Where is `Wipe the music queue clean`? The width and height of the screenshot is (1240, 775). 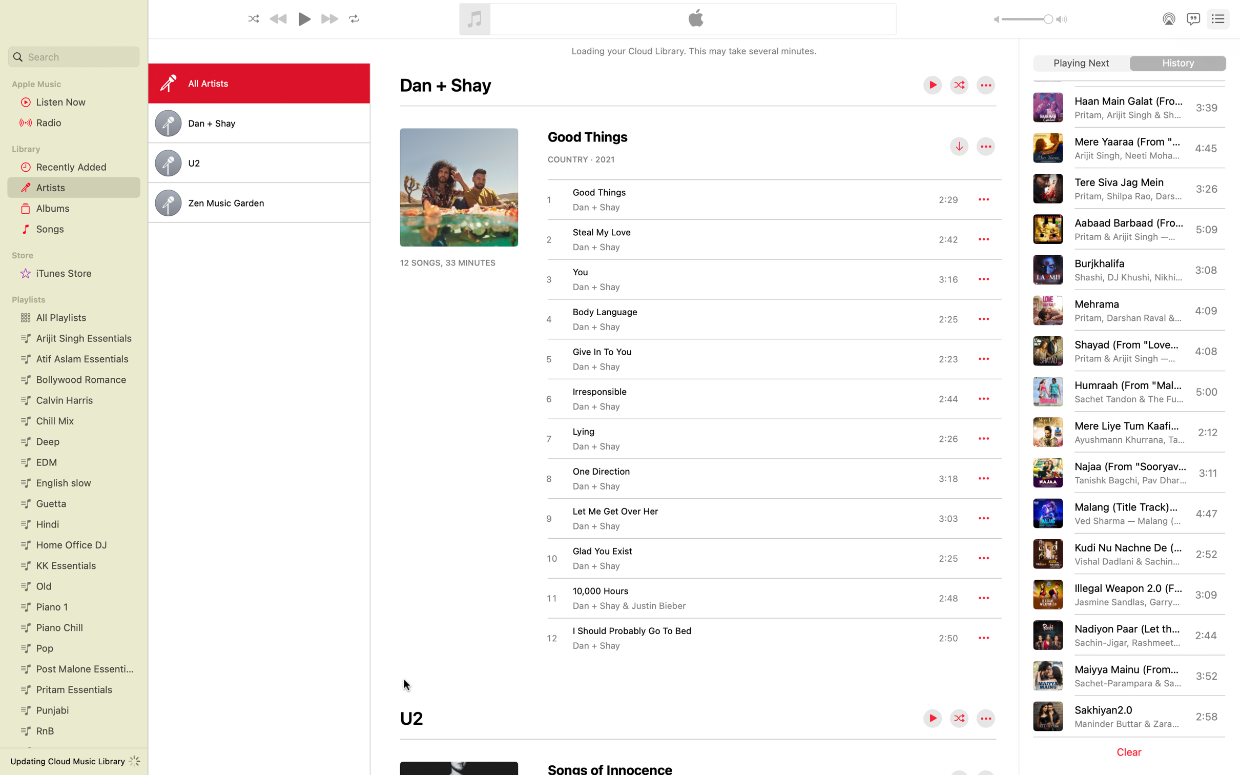
Wipe the music queue clean is located at coordinates (1131, 752).